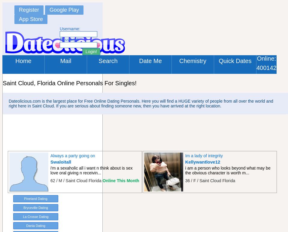 The width and height of the screenshot is (288, 232). I want to click on 'App Store', so click(31, 19).